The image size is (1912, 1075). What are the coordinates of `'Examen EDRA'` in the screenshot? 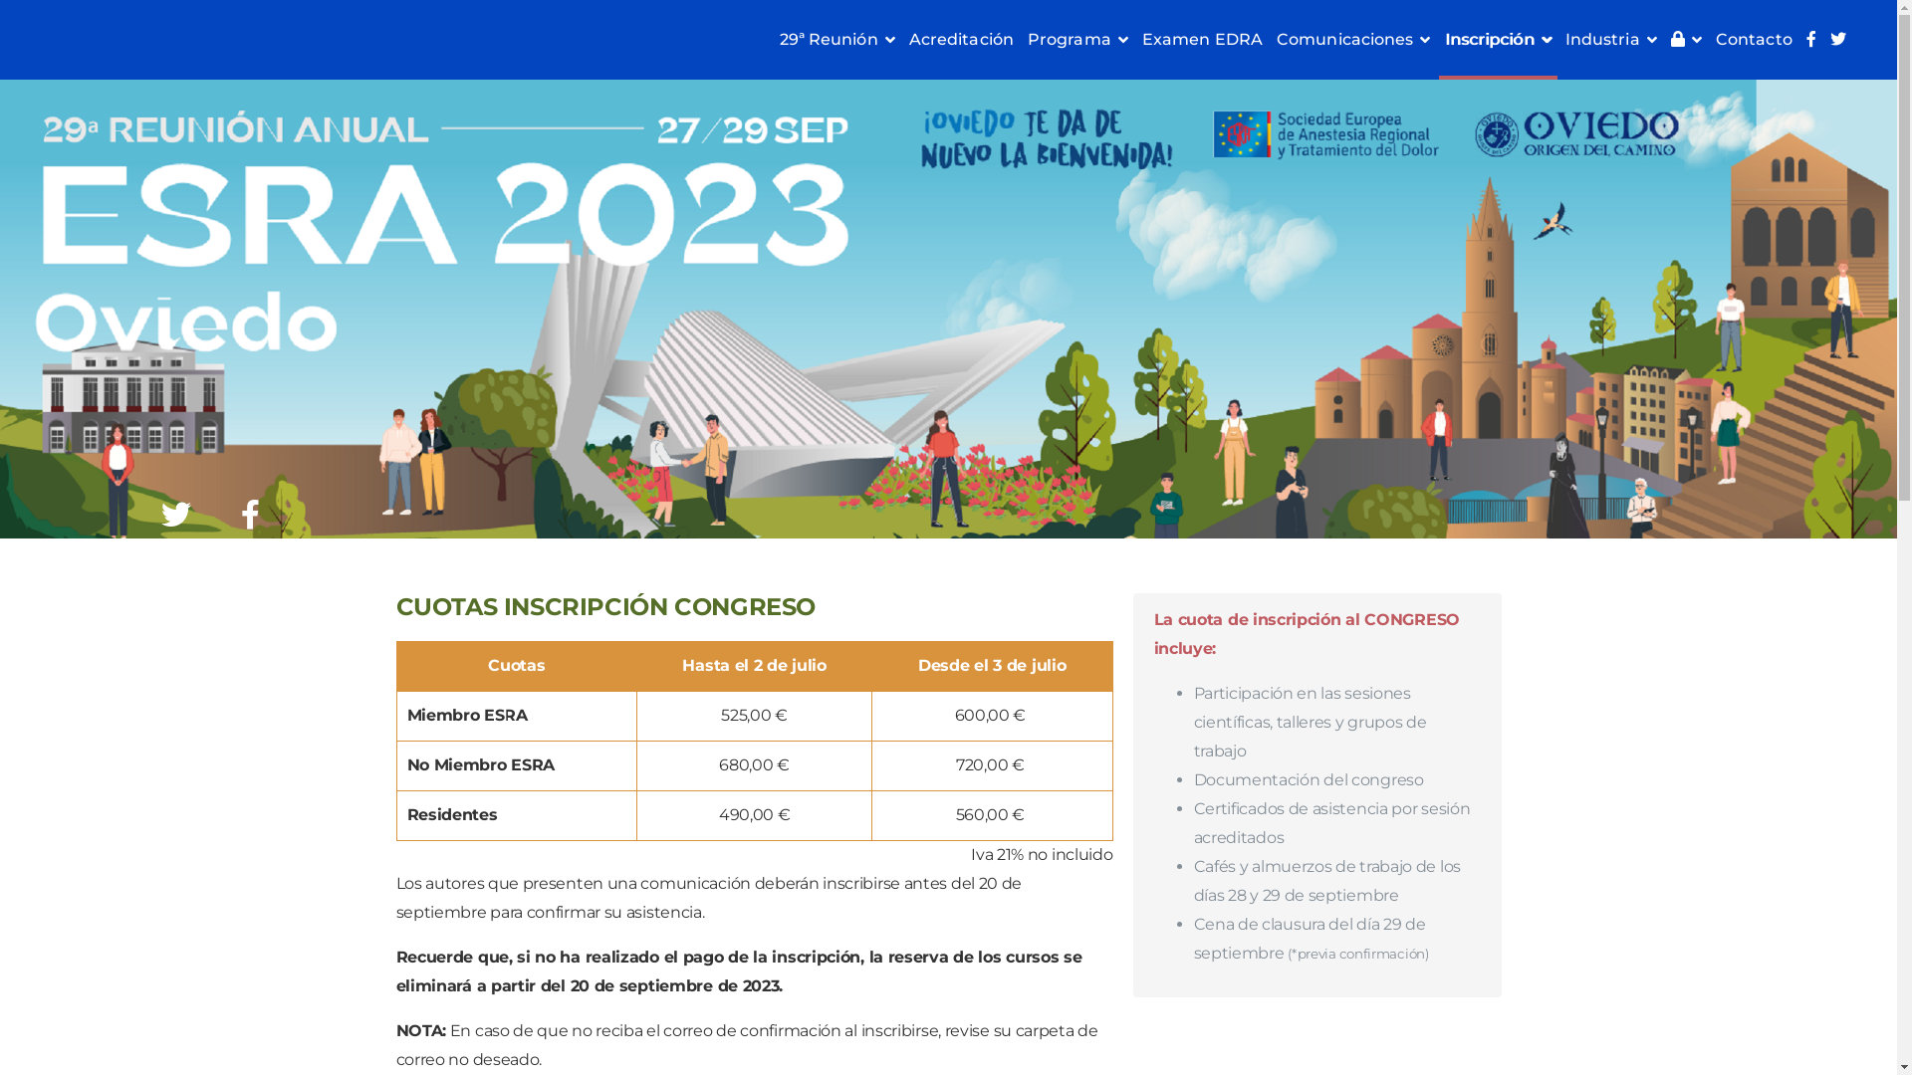 It's located at (1201, 39).